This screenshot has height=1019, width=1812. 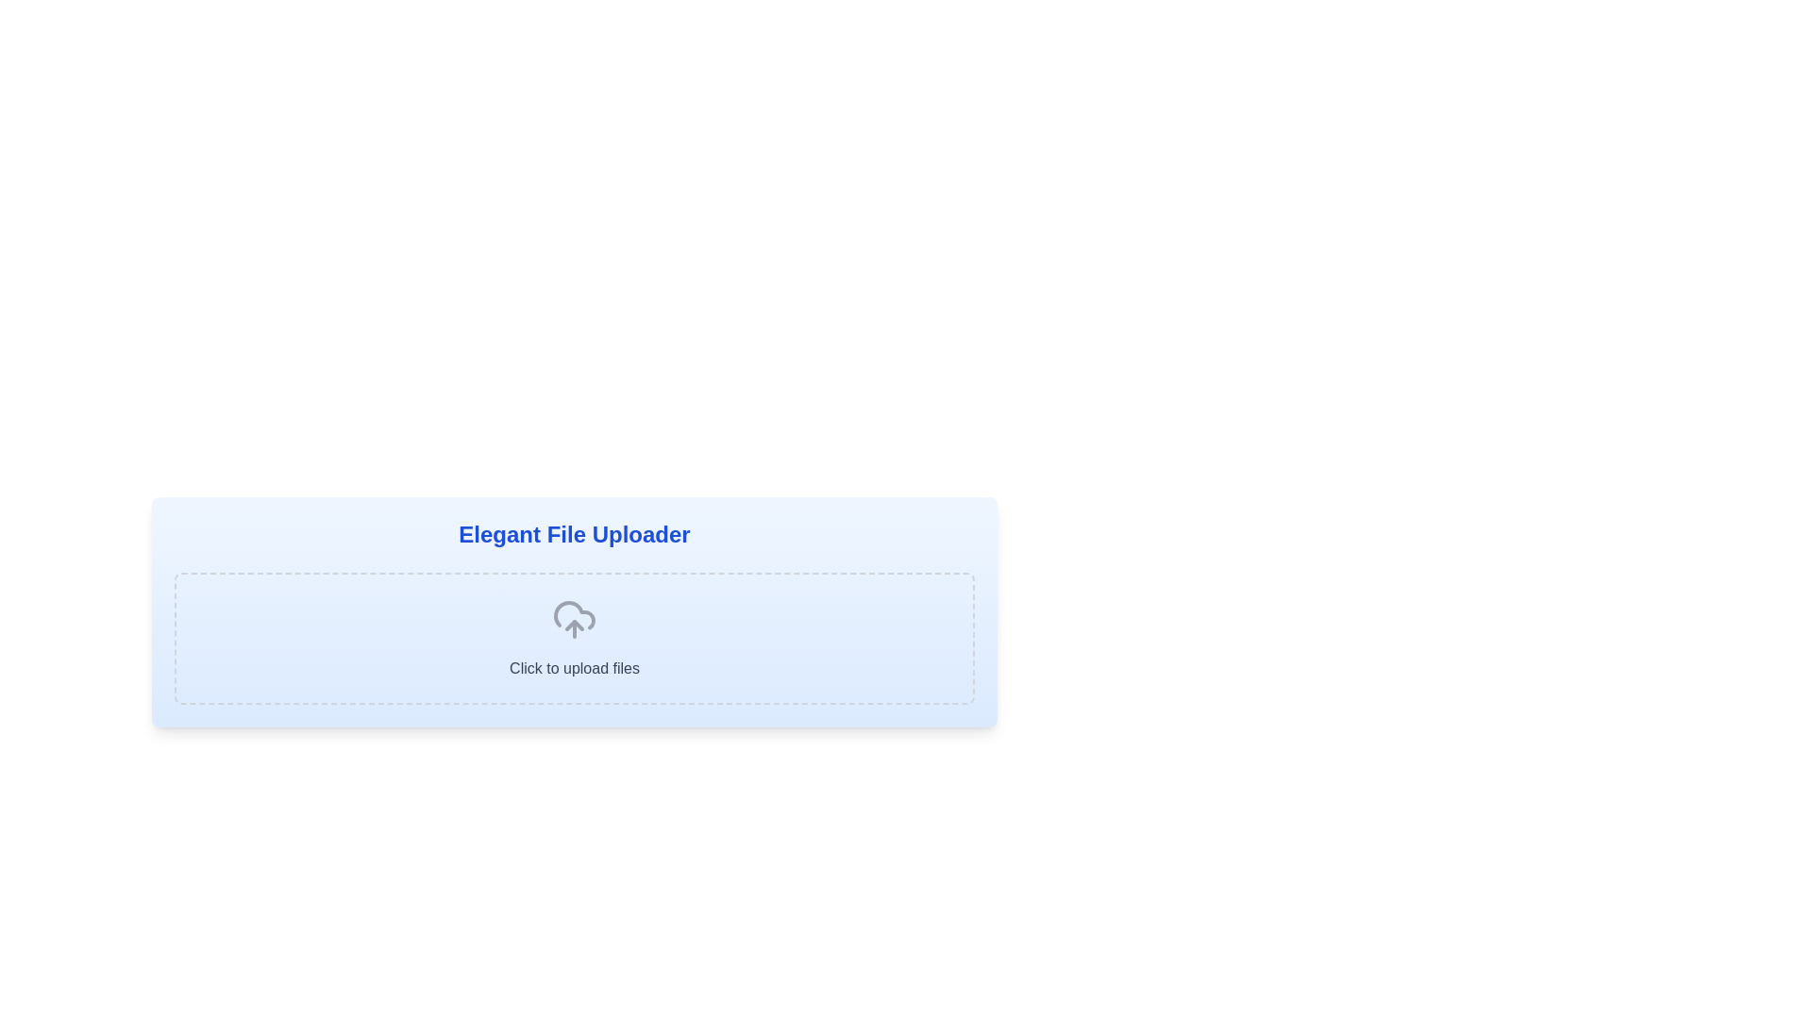 I want to click on the Interactive file uploader interface element, so click(x=574, y=611).